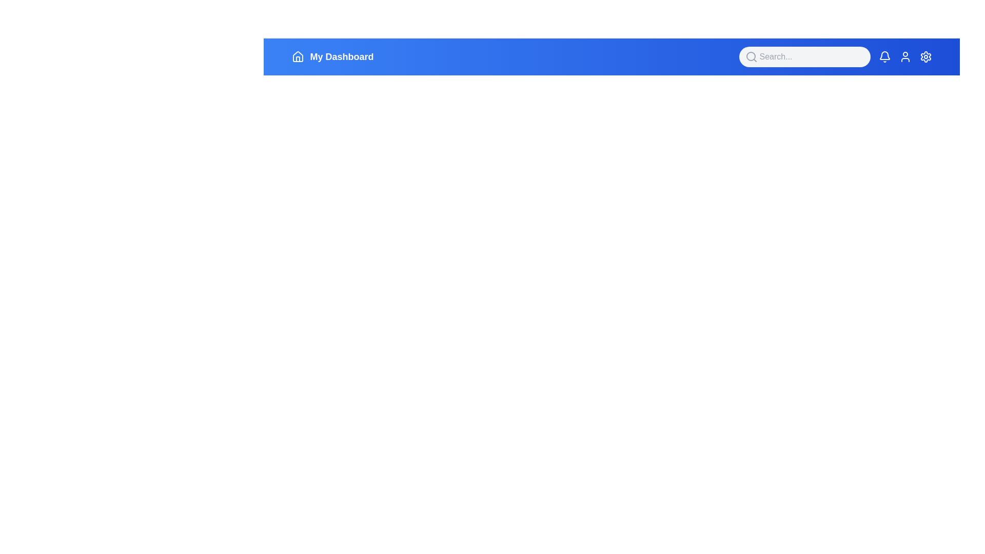 The height and width of the screenshot is (554, 985). Describe the element at coordinates (297, 57) in the screenshot. I see `the Home icon in the navigation bar` at that location.